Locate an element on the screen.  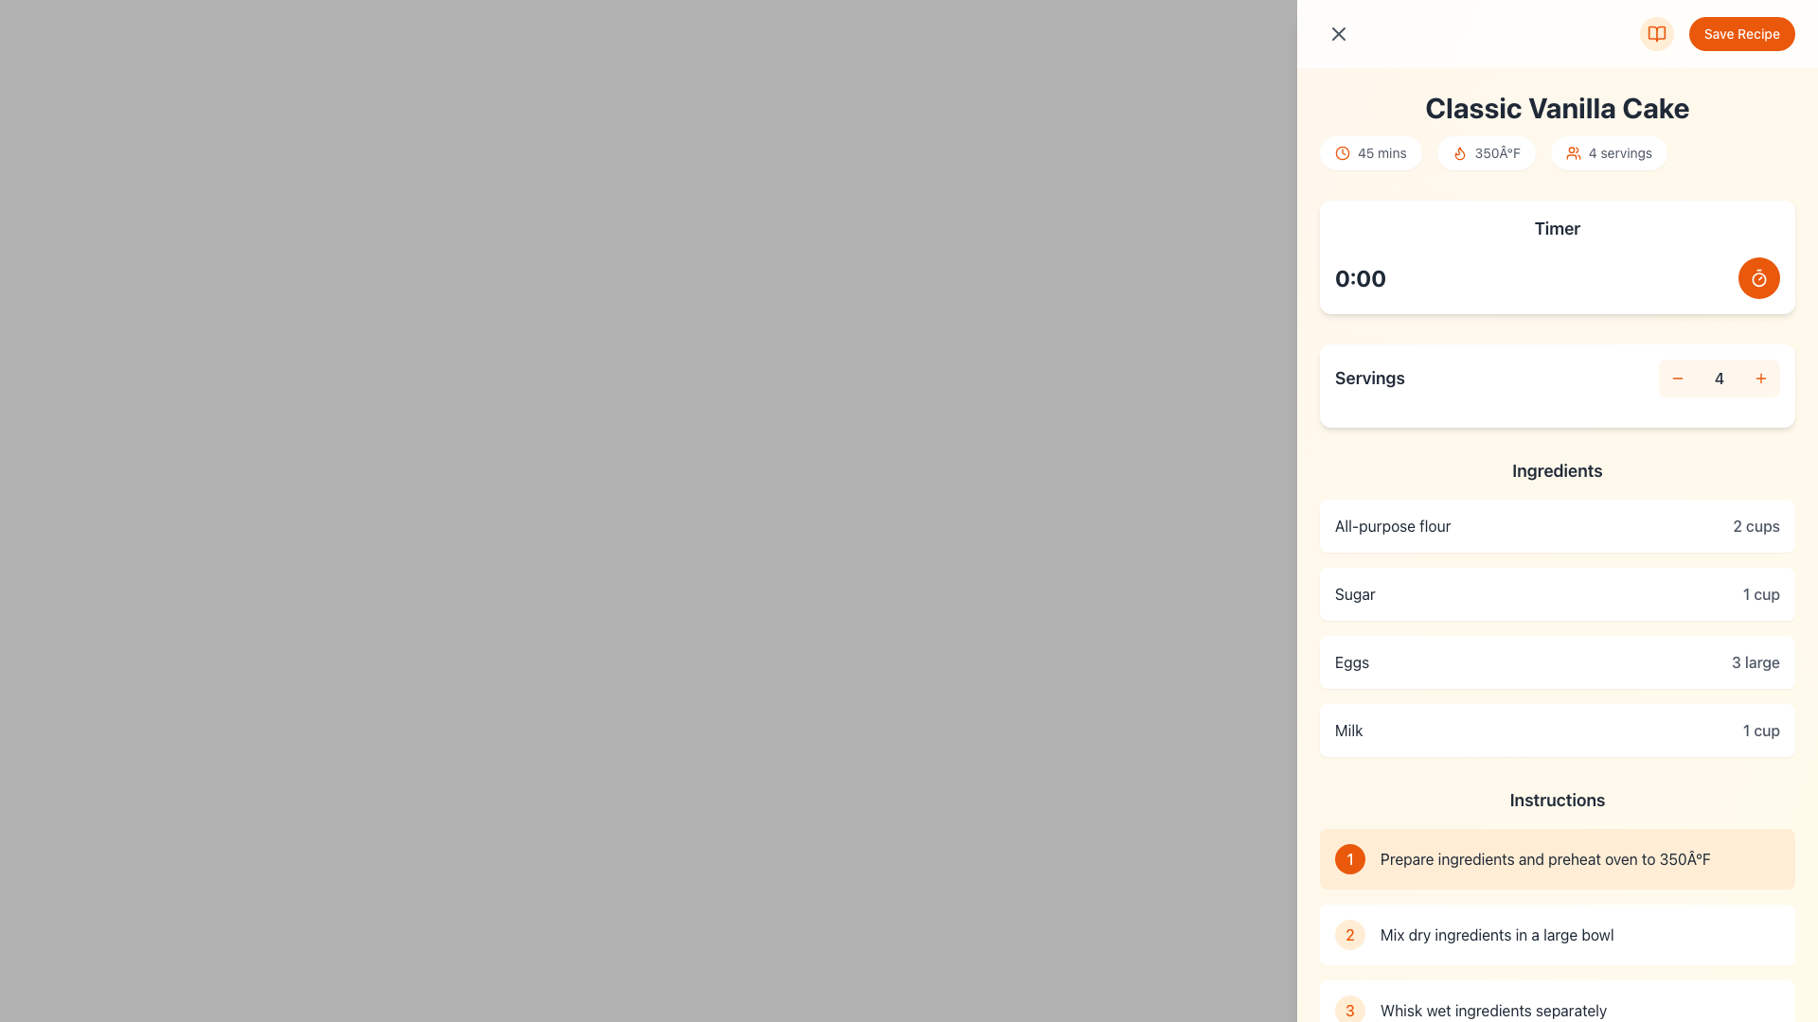
the text label displaying '3 large' in grayish color, located to the right of the 'Eggs' label in the ingredients list of the recipe interface is located at coordinates (1755, 661).